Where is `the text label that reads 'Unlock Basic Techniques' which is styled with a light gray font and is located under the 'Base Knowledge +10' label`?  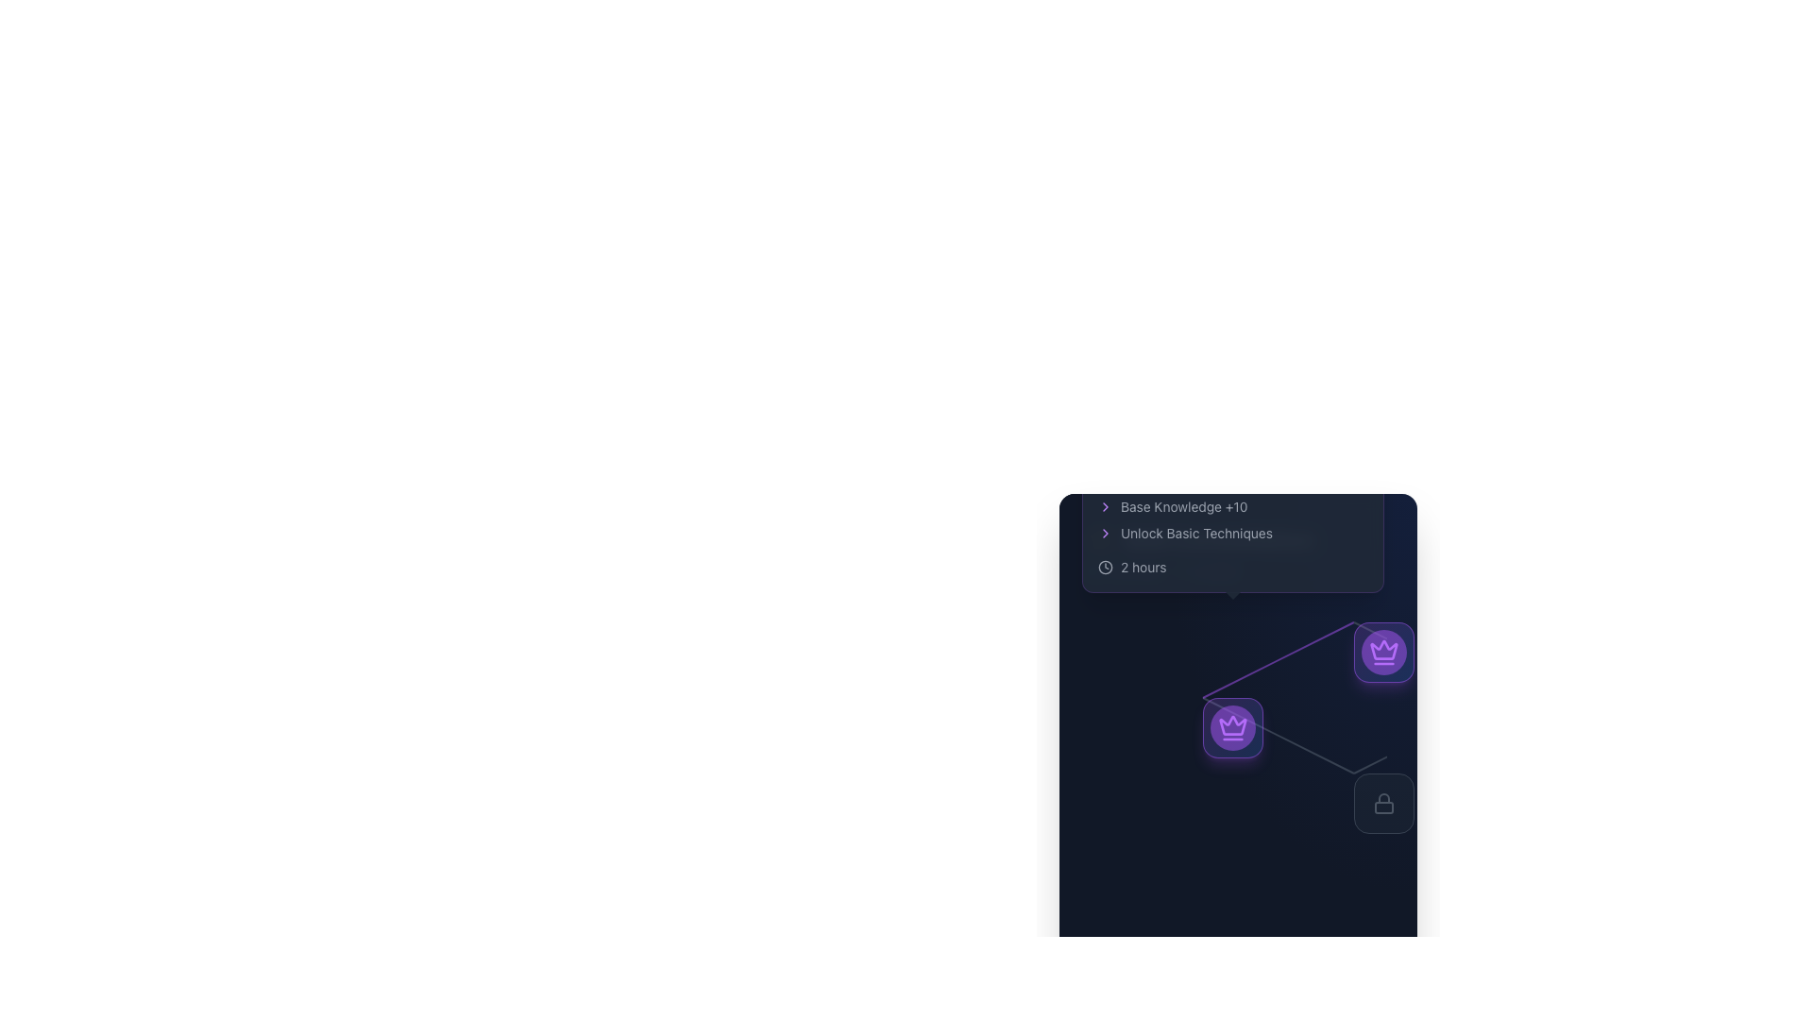
the text label that reads 'Unlock Basic Techniques' which is styled with a light gray font and is located under the 'Base Knowledge +10' label is located at coordinates (1232, 533).